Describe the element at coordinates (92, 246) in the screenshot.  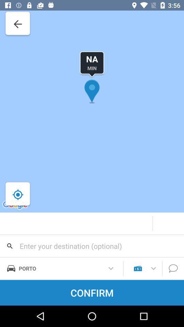
I see `your destination` at that location.